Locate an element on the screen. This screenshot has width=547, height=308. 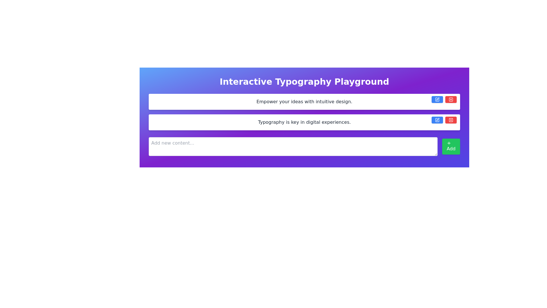
the blue button with a white pen icon located in the top-right corner of the text input field labeled 'Typography is key in digital experiences.' is located at coordinates (437, 119).